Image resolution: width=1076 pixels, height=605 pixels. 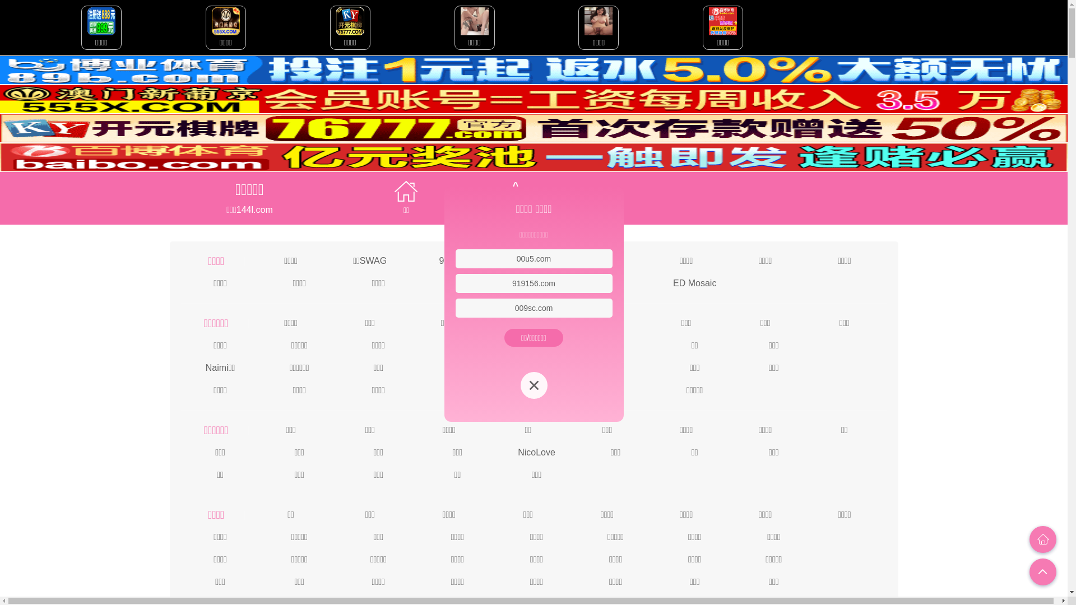 What do you see at coordinates (533, 282) in the screenshot?
I see `'919156.com'` at bounding box center [533, 282].